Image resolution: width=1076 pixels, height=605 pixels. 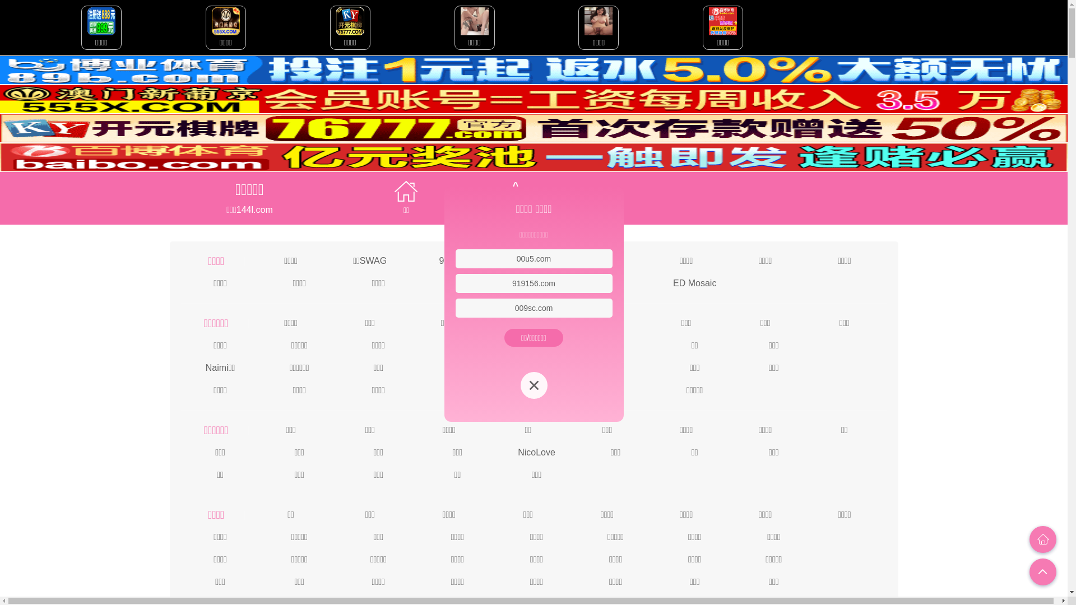 What do you see at coordinates (533, 282) in the screenshot?
I see `'919156.com'` at bounding box center [533, 282].